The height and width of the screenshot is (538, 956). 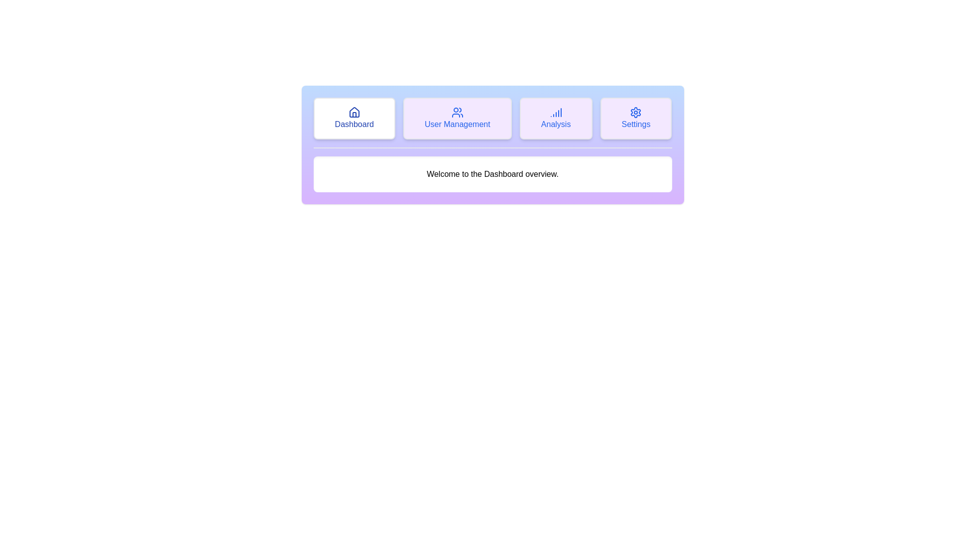 What do you see at coordinates (354, 118) in the screenshot?
I see `the Navigation button located at the top-left section of the interface` at bounding box center [354, 118].